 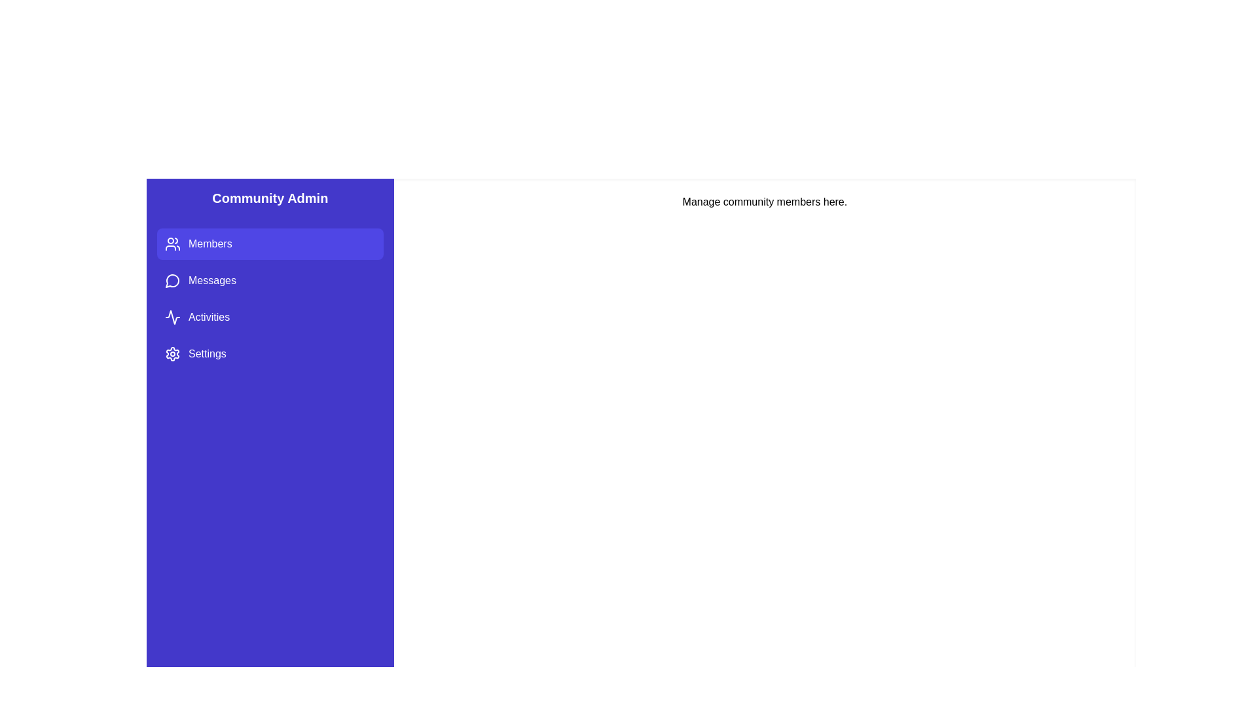 What do you see at coordinates (269, 280) in the screenshot?
I see `the 'Messages' navigation button located in the vertical menu, positioned between the 'Members' button above and the 'Activities' button below` at bounding box center [269, 280].